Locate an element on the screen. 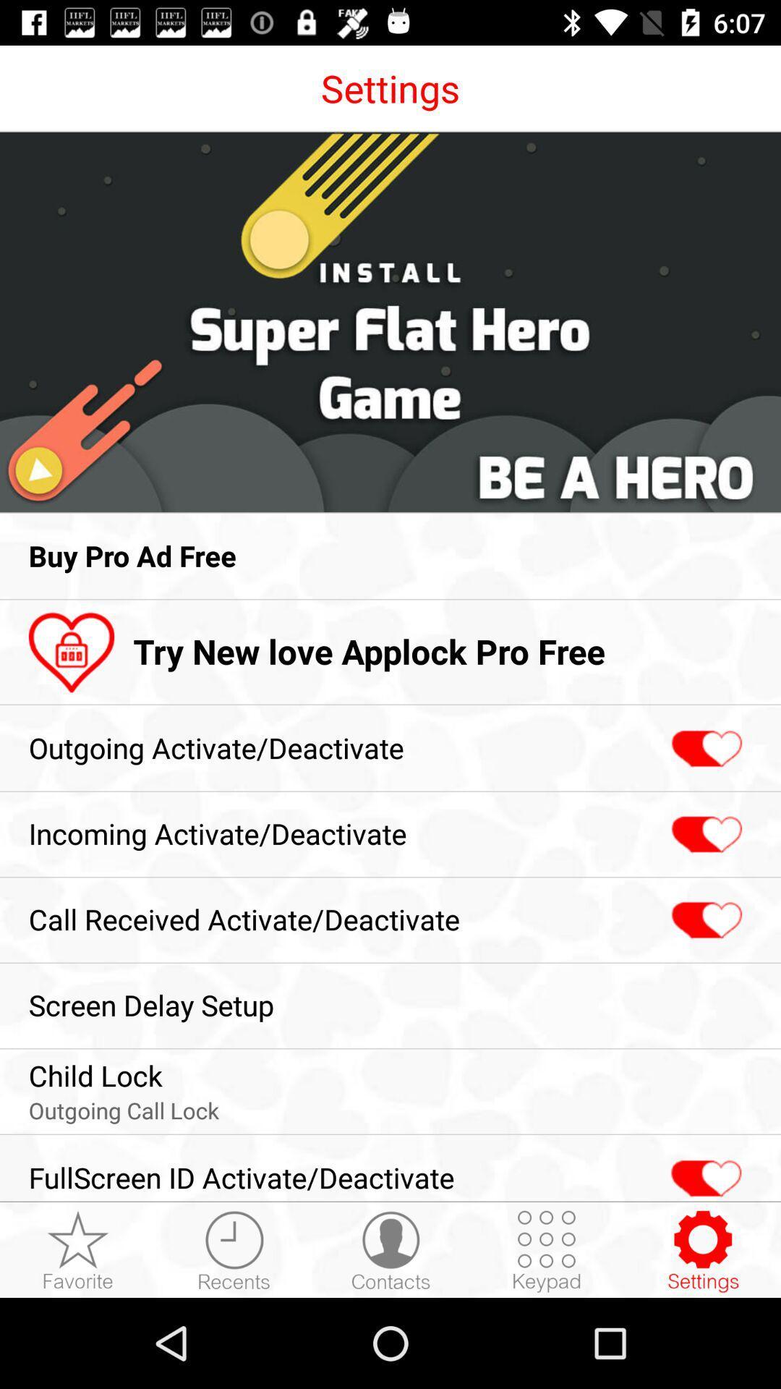 The height and width of the screenshot is (1389, 781). the favorite icon is located at coordinates (704, 749).